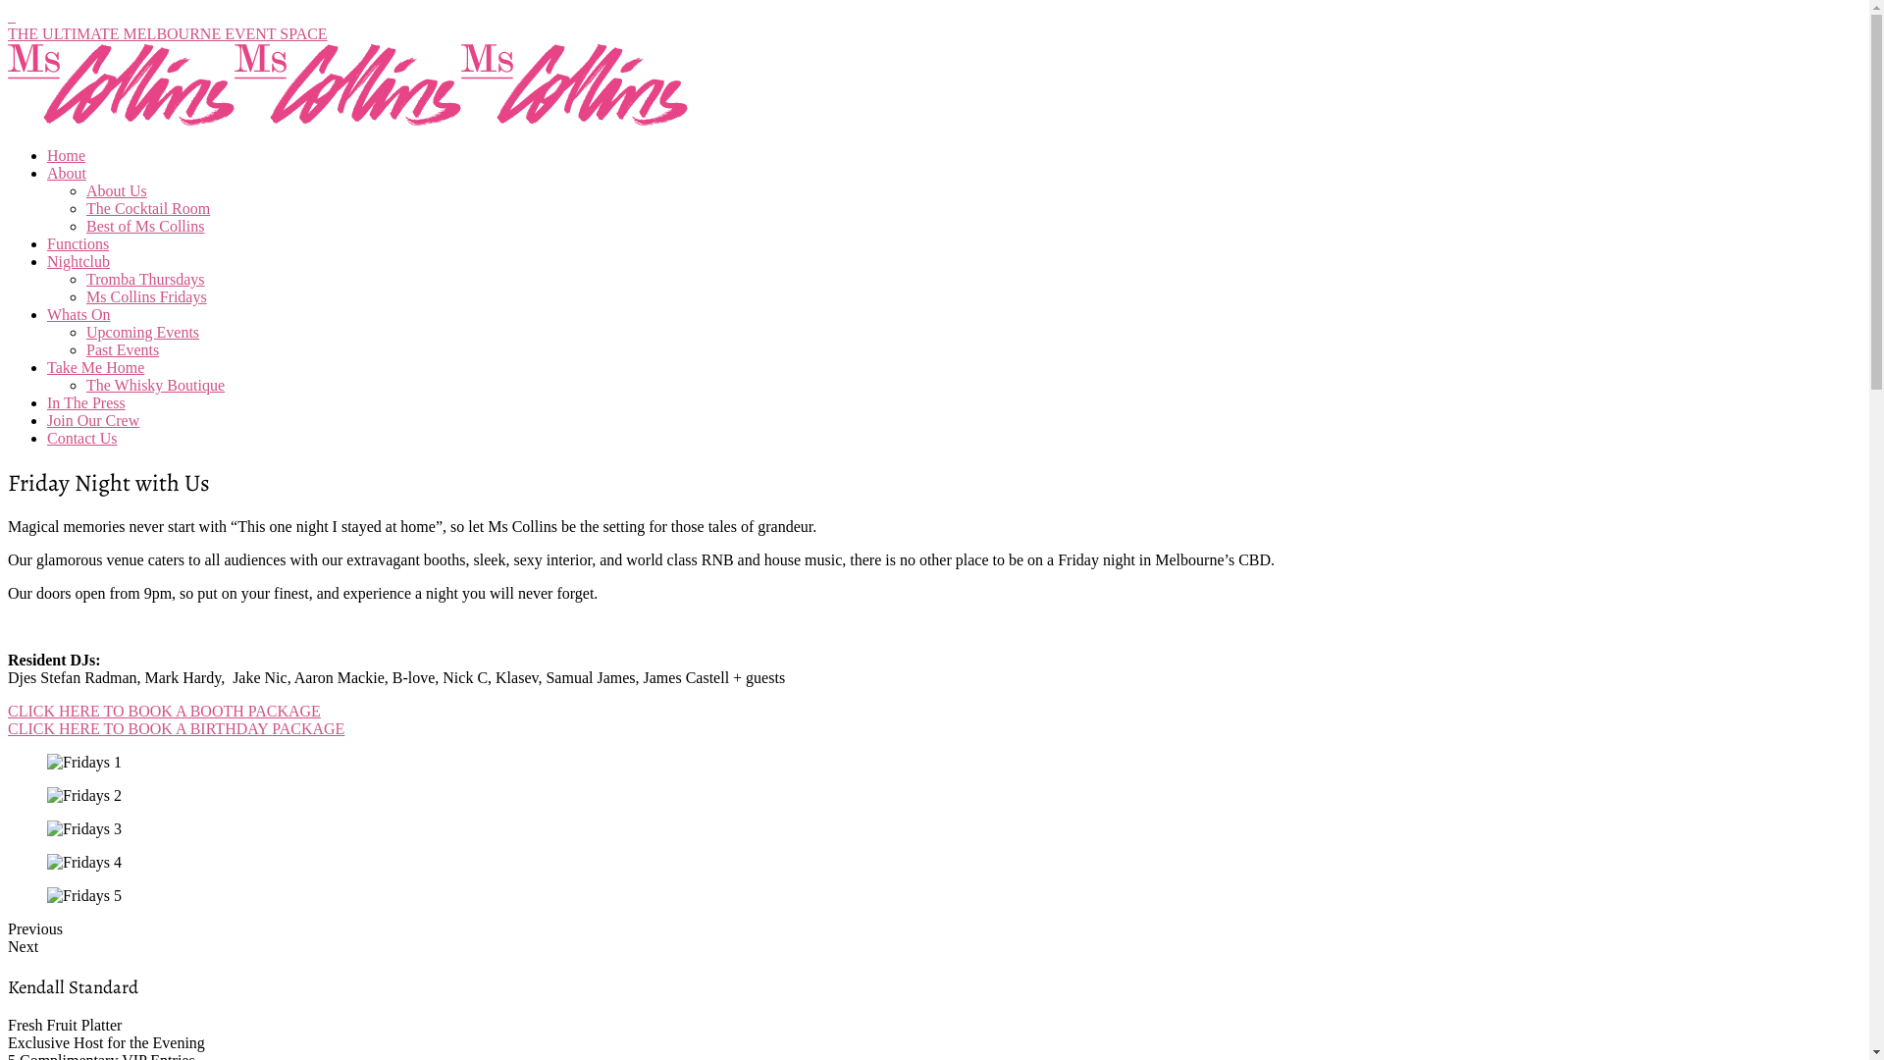 The image size is (1884, 1060). I want to click on 'Functions', so click(47, 242).